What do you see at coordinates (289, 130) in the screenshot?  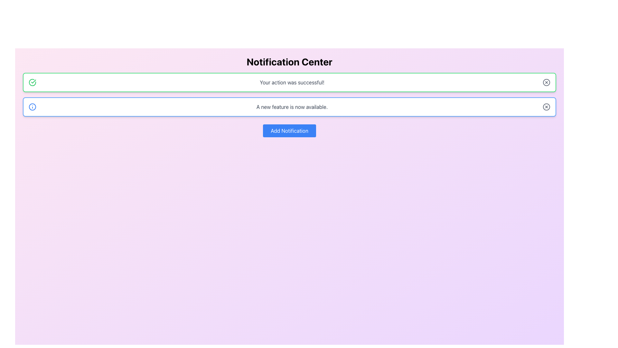 I see `the 'Add Notification' button` at bounding box center [289, 130].